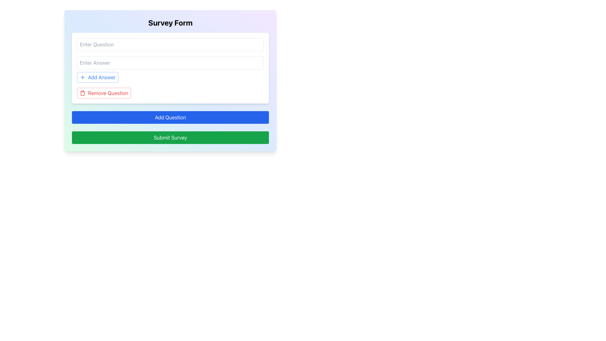 The image size is (606, 341). What do you see at coordinates (82, 93) in the screenshot?
I see `the 'Remove Question' button icon` at bounding box center [82, 93].